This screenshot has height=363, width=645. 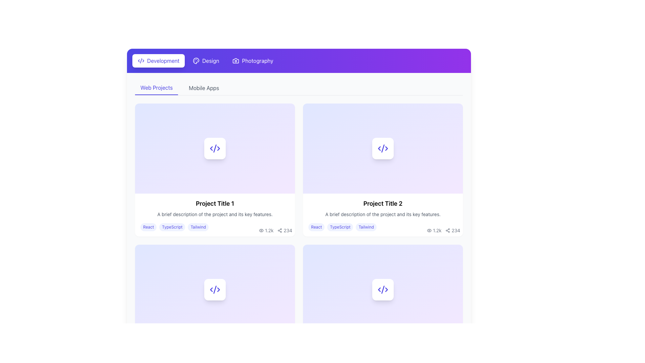 I want to click on the 'Photography' text label, which is styled in white on a purple background and is part of the navigation bar, so click(x=257, y=61).